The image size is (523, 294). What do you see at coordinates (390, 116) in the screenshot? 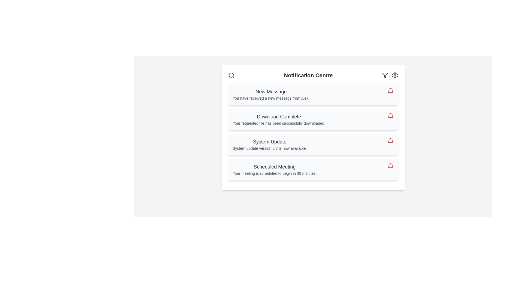
I see `the icon button located in the right corner of the second notification card, which interacts with the notification it is associated with` at bounding box center [390, 116].